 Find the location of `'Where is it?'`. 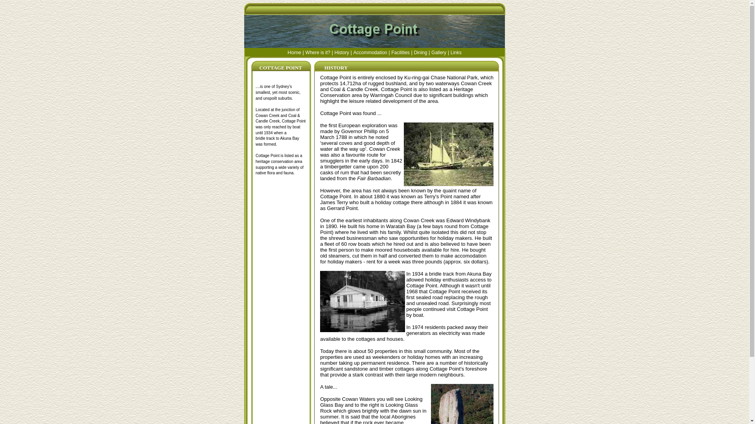

'Where is it?' is located at coordinates (305, 52).